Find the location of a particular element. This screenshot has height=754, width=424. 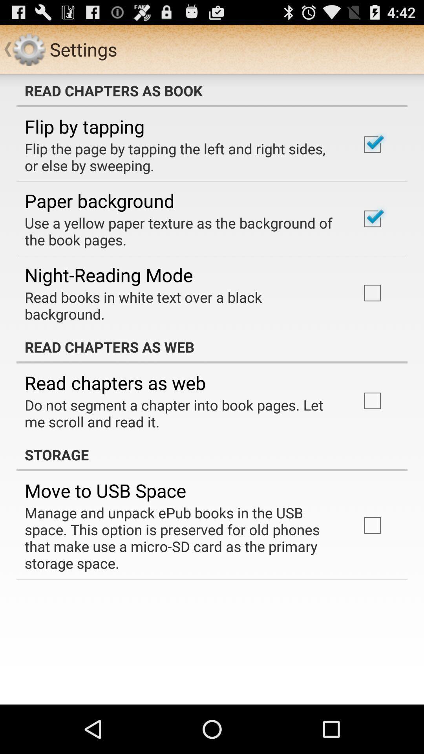

do not segment is located at coordinates (182, 413).